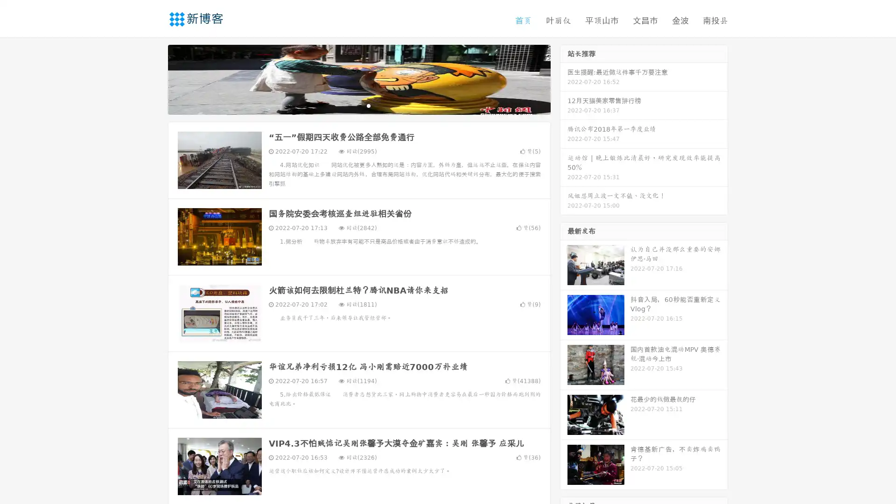 The image size is (896, 504). Describe the element at coordinates (349, 105) in the screenshot. I see `Go to slide 1` at that location.